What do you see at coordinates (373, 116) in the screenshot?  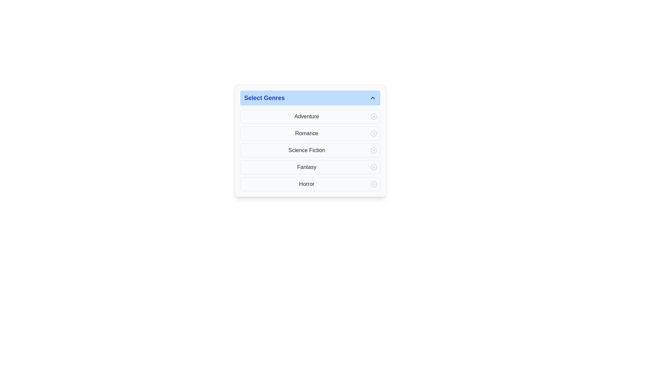 I see `the circular icon with a thick border and a small cross (X) symbol in the center, located to the far right of the 'Adventure' genre label within the 'Select Genres' list` at bounding box center [373, 116].